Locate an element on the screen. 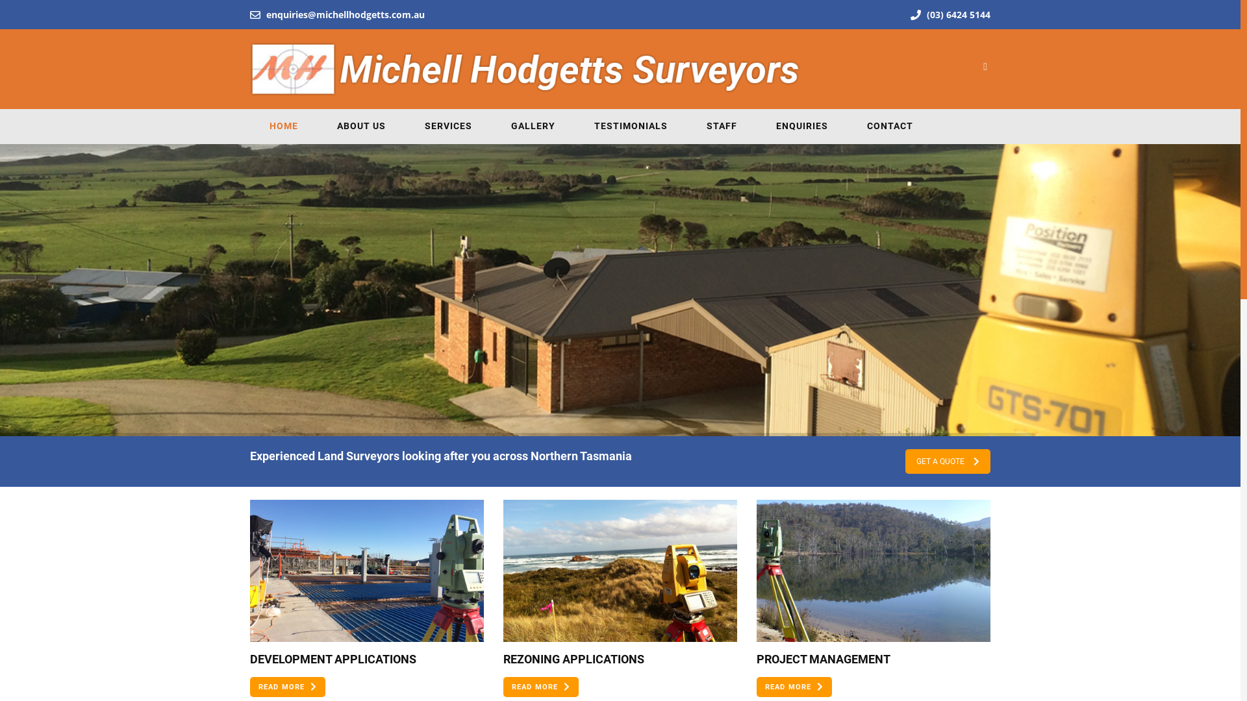 The image size is (1247, 701). 'ENQUIRIES' is located at coordinates (801, 126).